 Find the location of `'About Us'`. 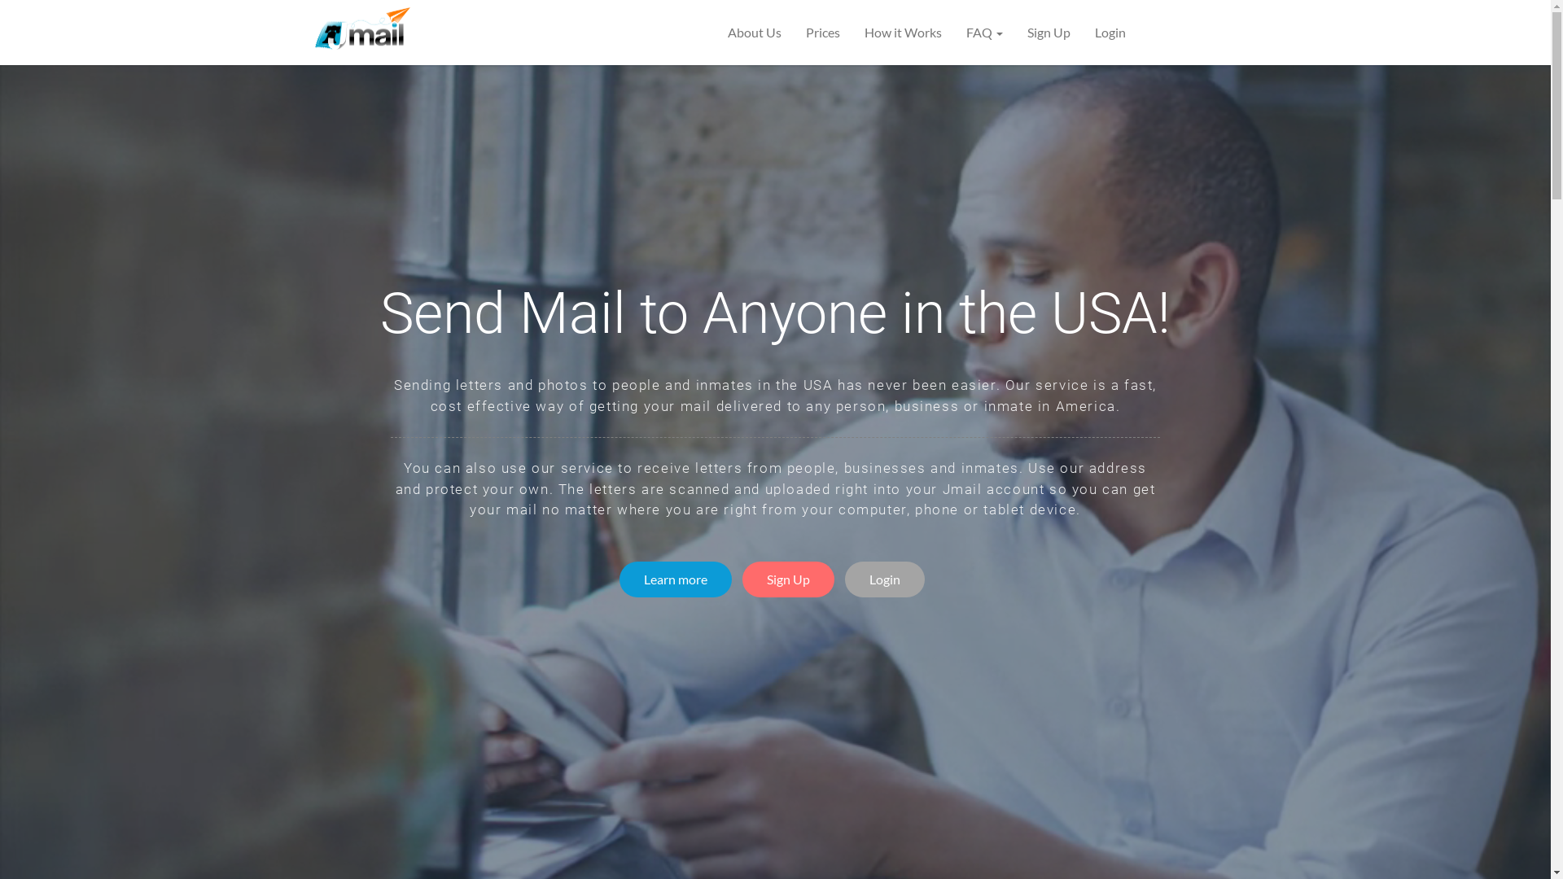

'About Us' is located at coordinates (753, 32).